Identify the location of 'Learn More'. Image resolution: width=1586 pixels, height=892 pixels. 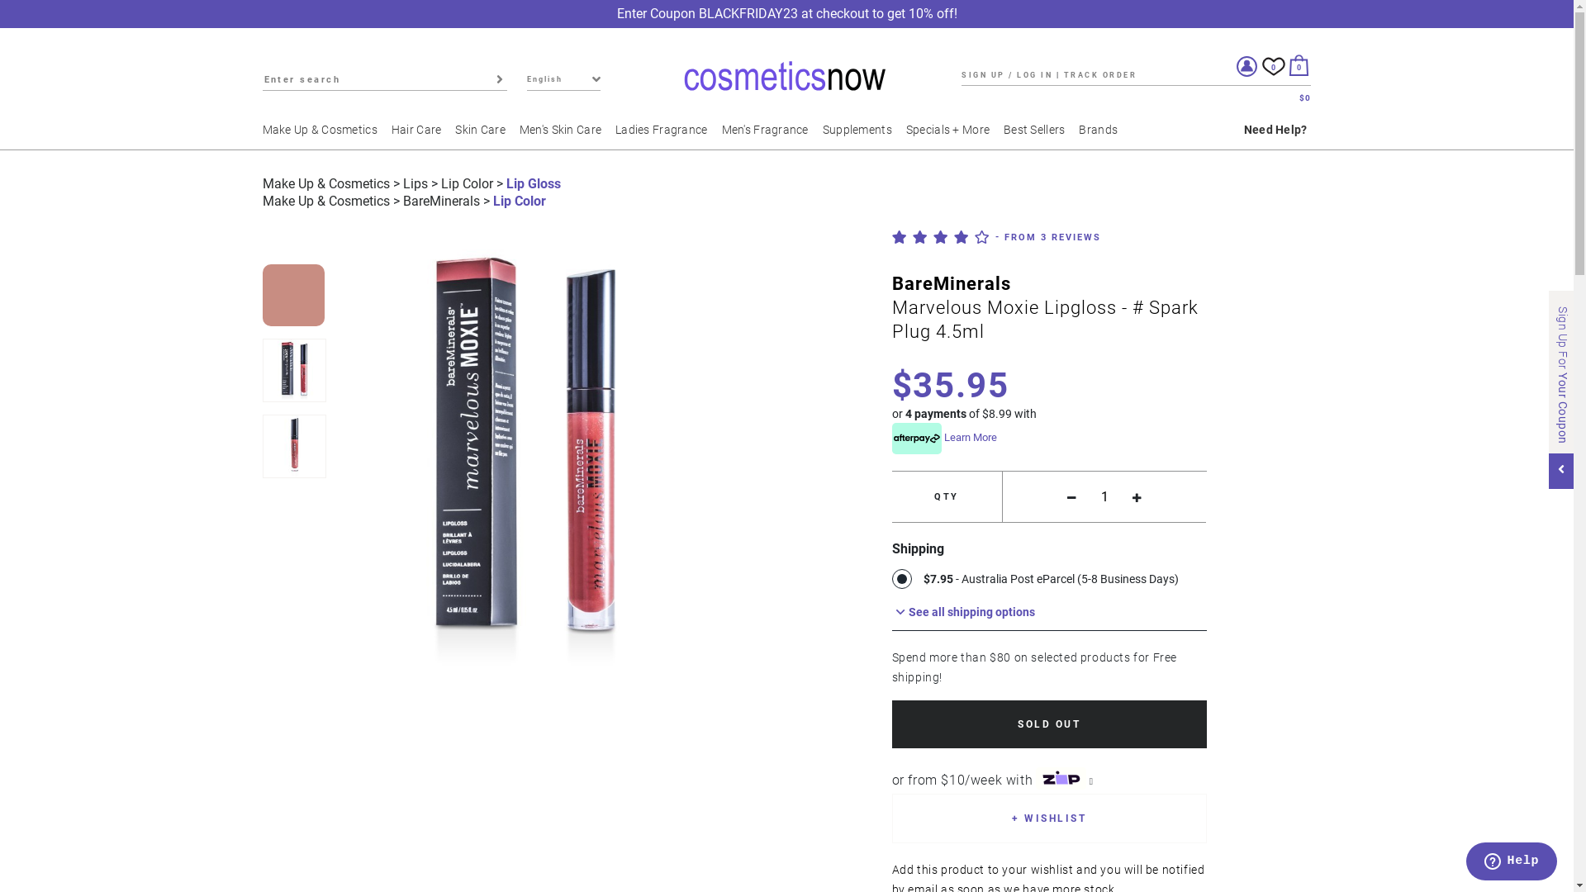
(971, 436).